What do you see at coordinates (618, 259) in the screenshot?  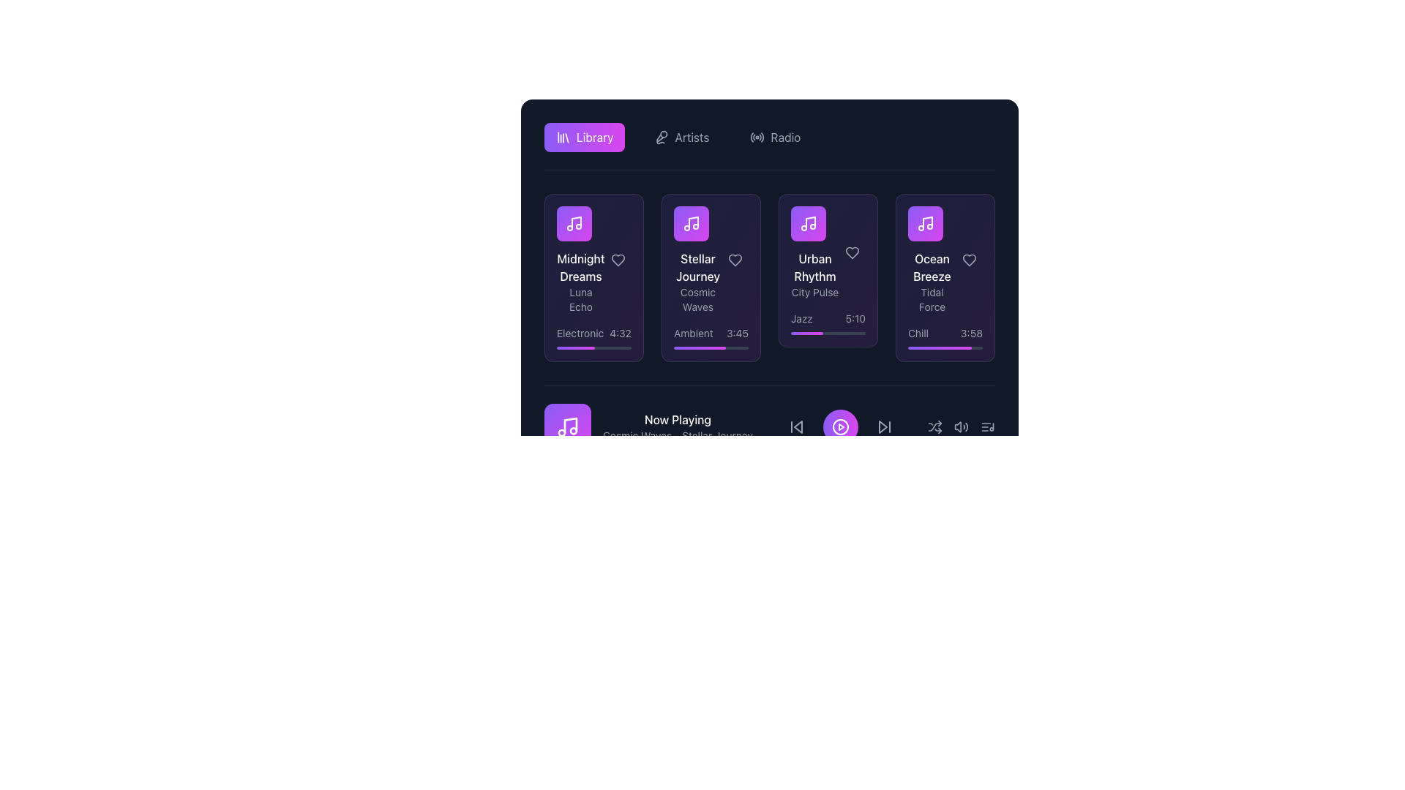 I see `the heart-shaped icon button to mark the song 'Midnight Dreams' as favorite` at bounding box center [618, 259].